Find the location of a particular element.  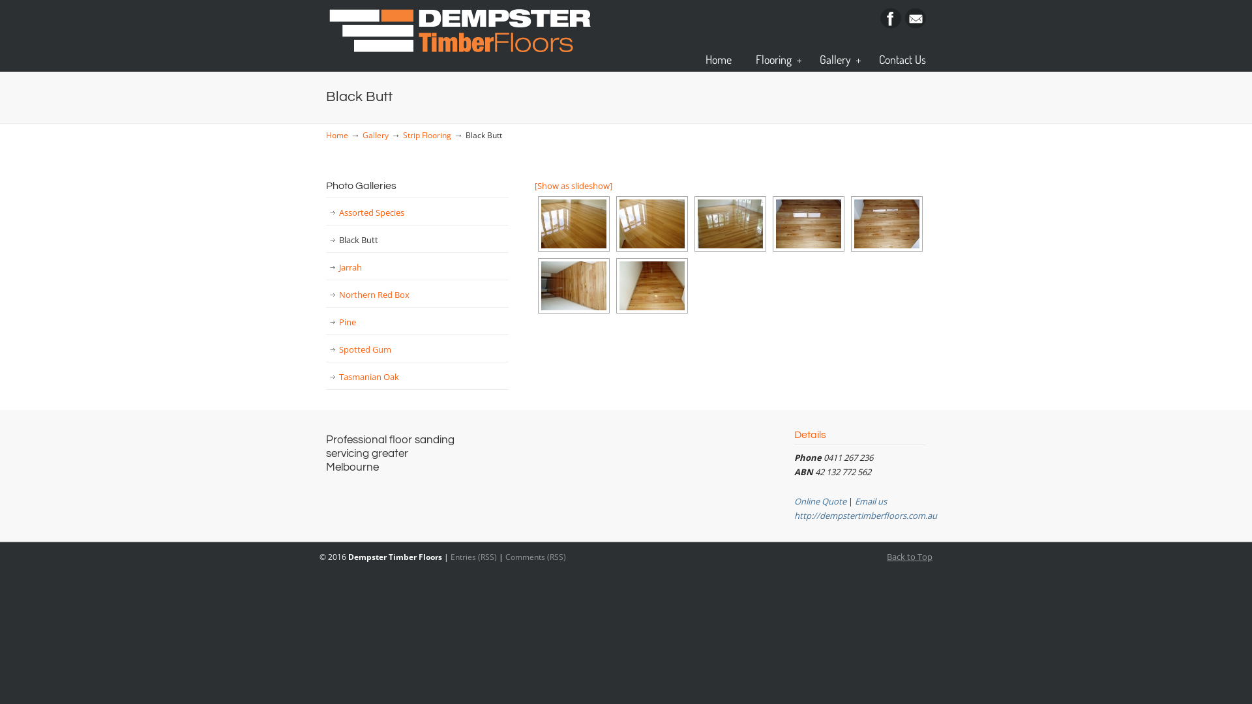

'Comments (RSS)' is located at coordinates (504, 556).